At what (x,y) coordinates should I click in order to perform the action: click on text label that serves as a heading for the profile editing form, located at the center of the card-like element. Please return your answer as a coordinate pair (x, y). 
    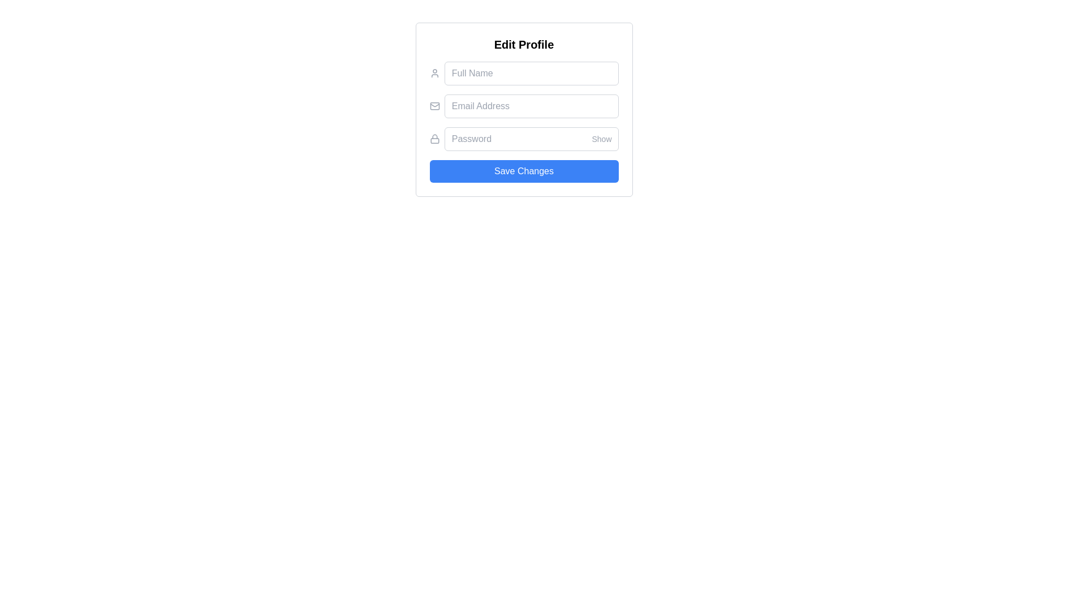
    Looking at the image, I should click on (523, 44).